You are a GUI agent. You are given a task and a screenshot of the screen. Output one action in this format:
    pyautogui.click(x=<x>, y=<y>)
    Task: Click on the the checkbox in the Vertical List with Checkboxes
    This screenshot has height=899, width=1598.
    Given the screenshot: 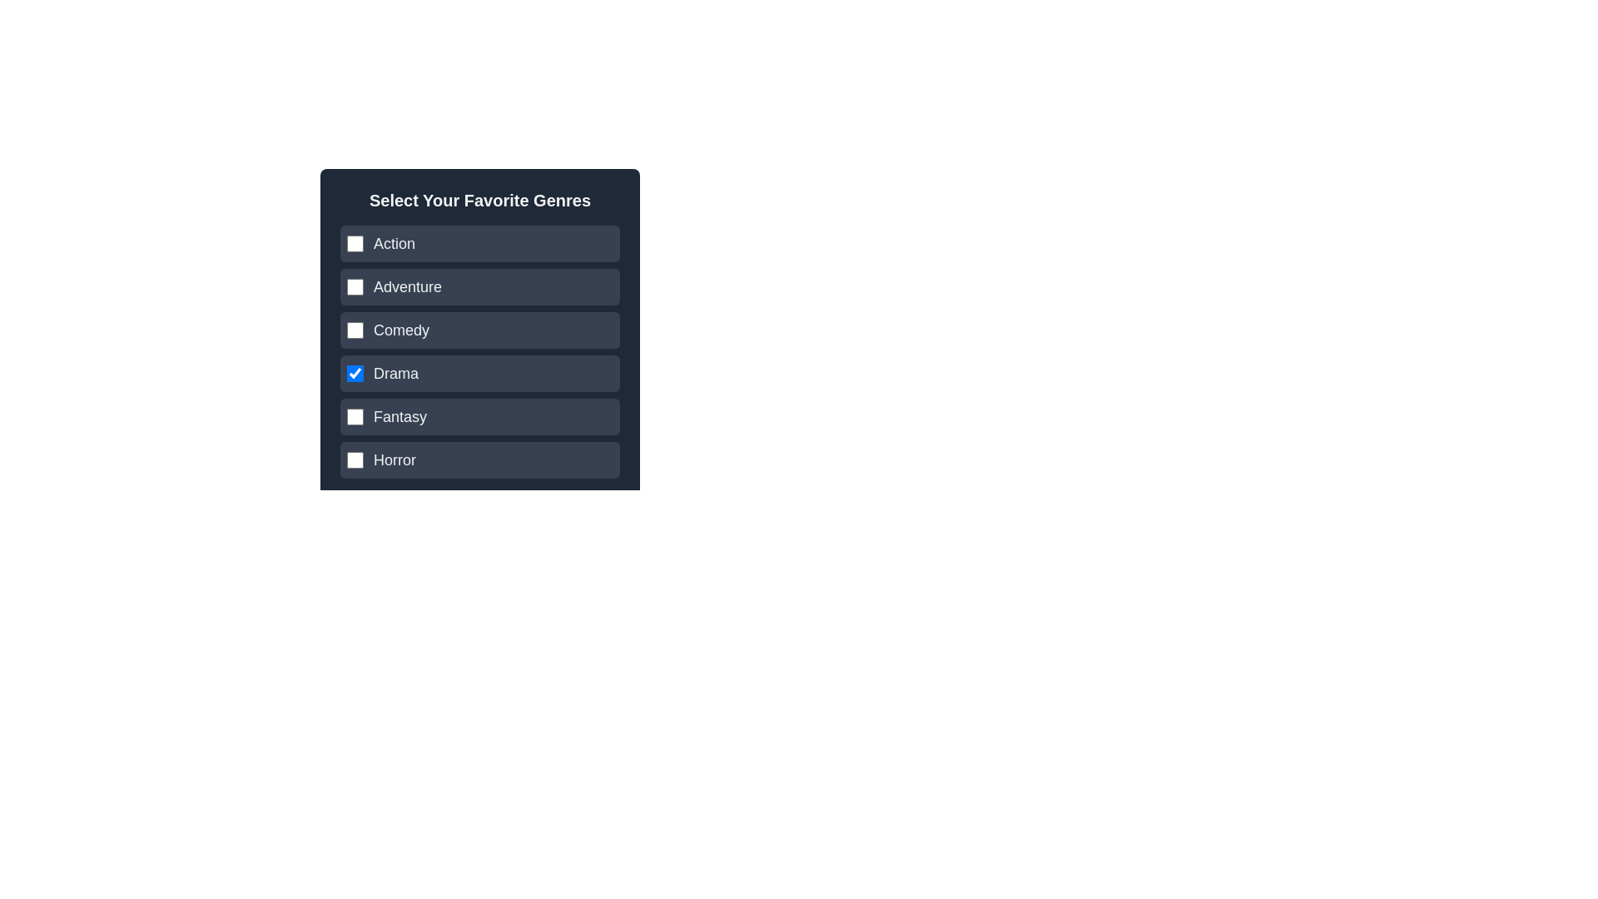 What is the action you would take?
    pyautogui.click(x=479, y=351)
    